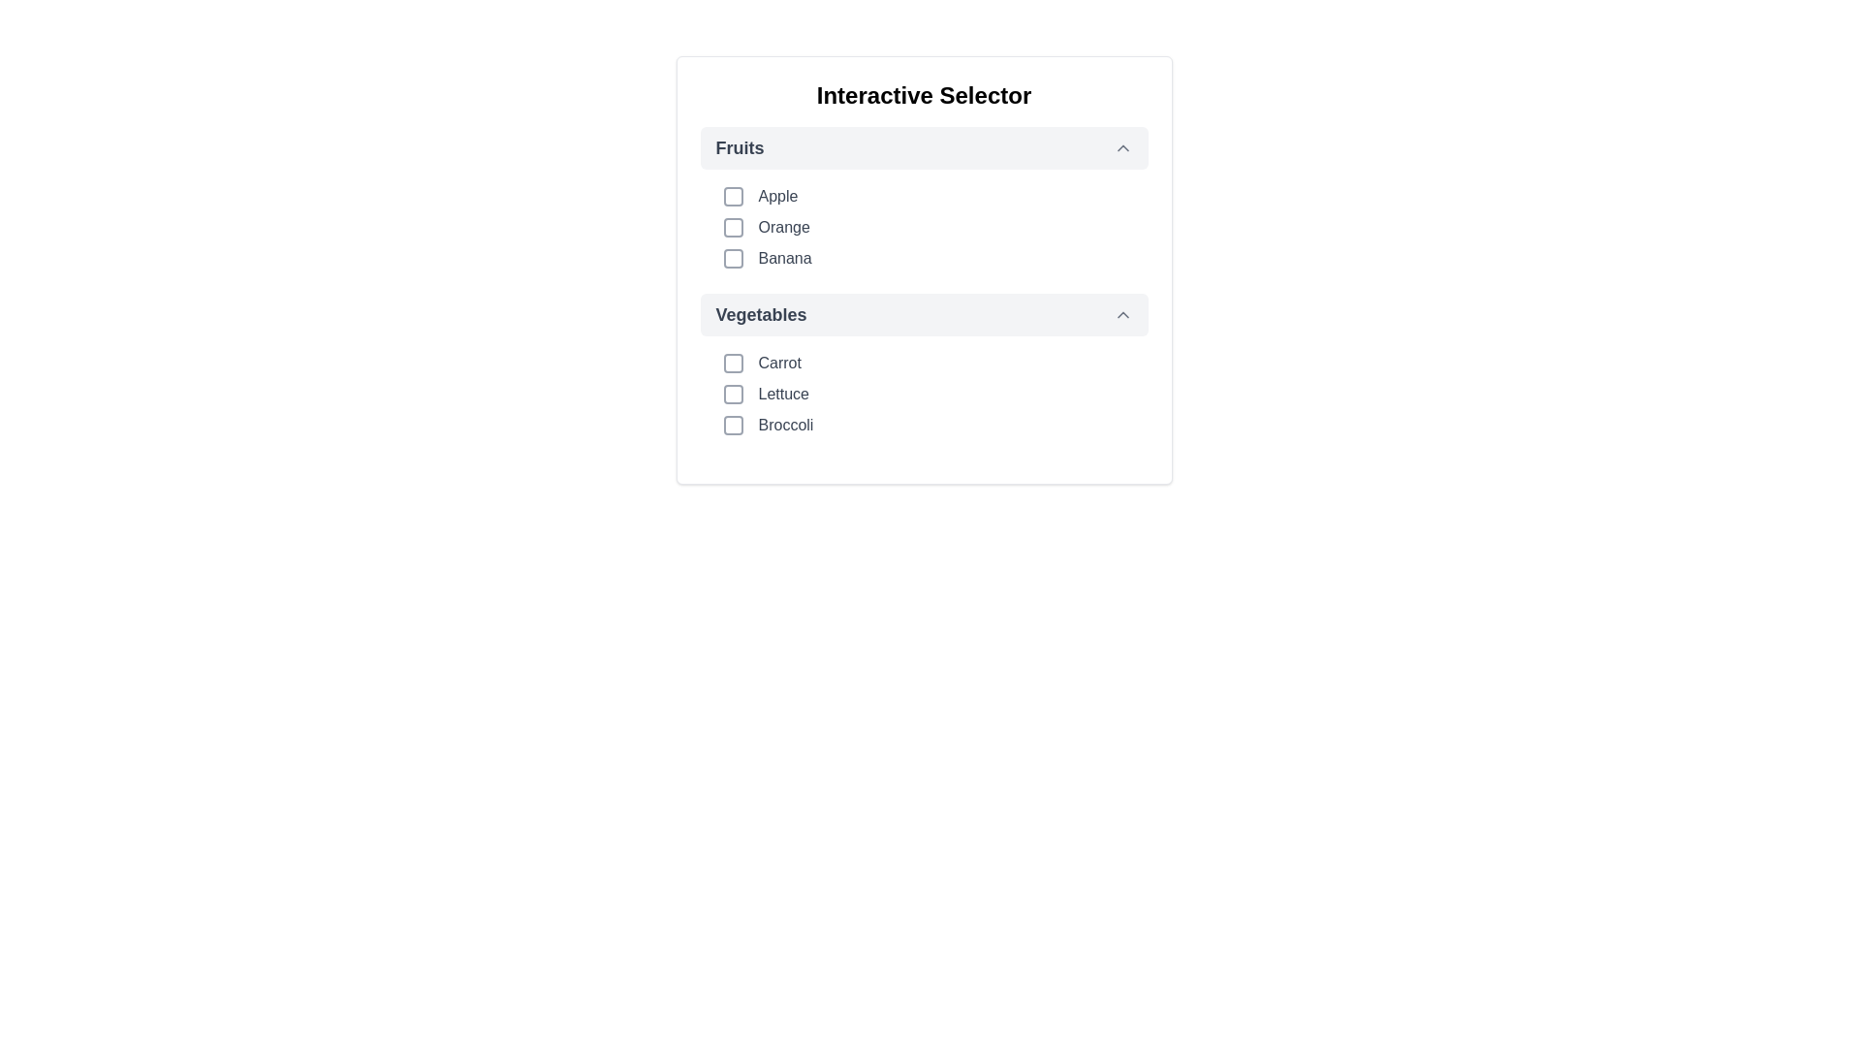 This screenshot has width=1861, height=1047. I want to click on the third checkbox in the 'Vegetables' group, located to the left of the 'Broccoli' label, so click(732, 425).